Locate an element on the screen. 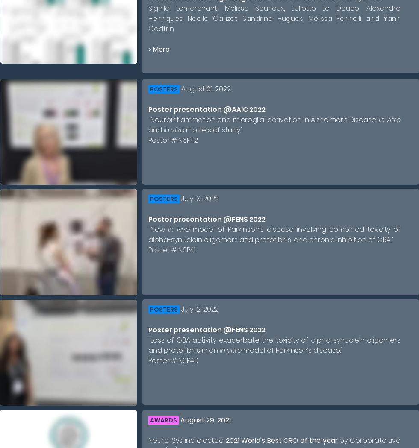  'More' is located at coordinates (153, 49).